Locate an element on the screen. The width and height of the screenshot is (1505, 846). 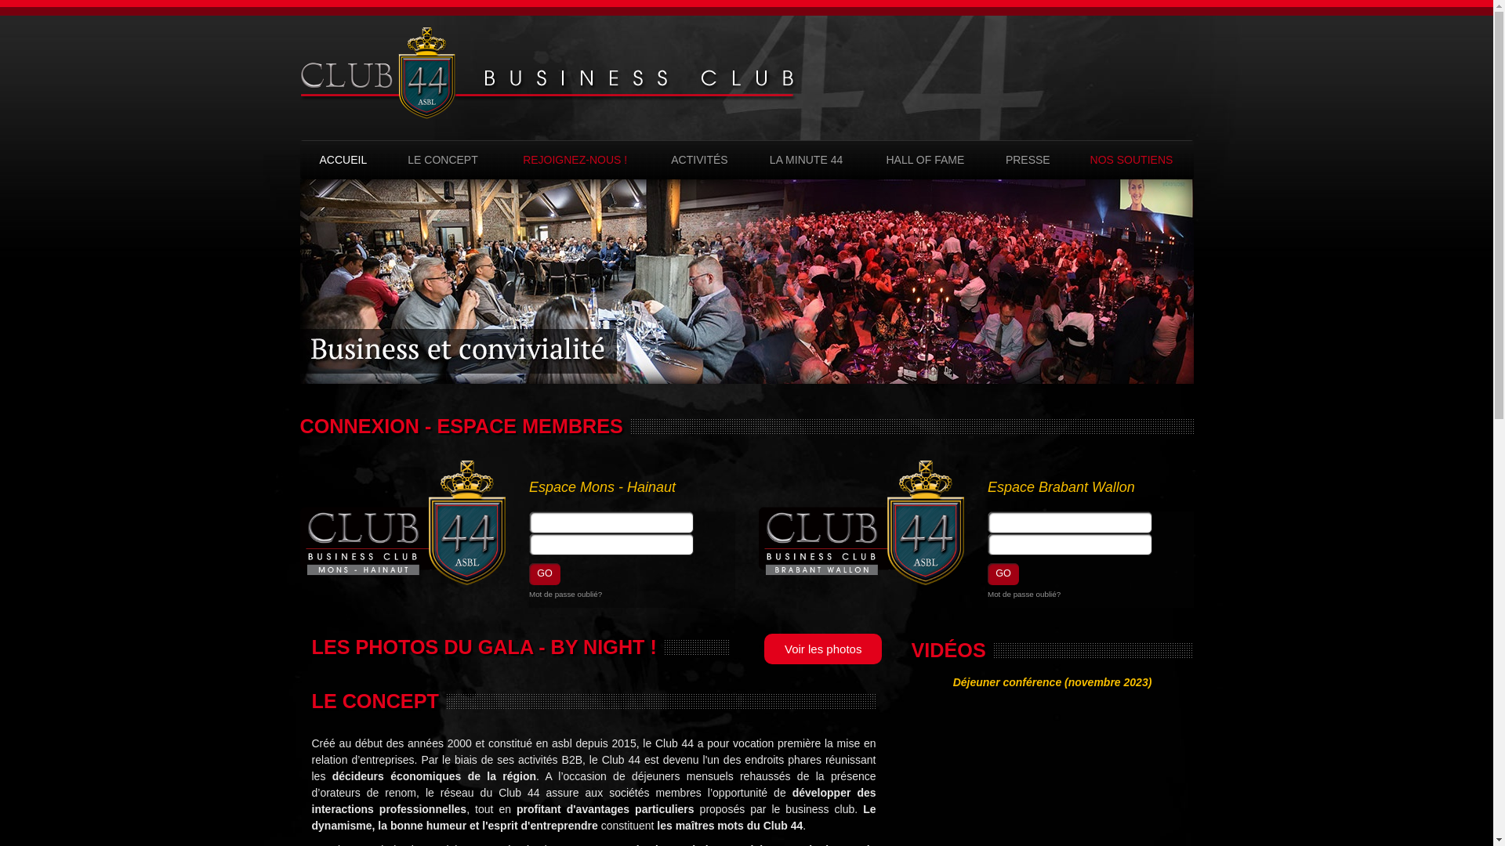
'Voir les photos' is located at coordinates (763, 649).